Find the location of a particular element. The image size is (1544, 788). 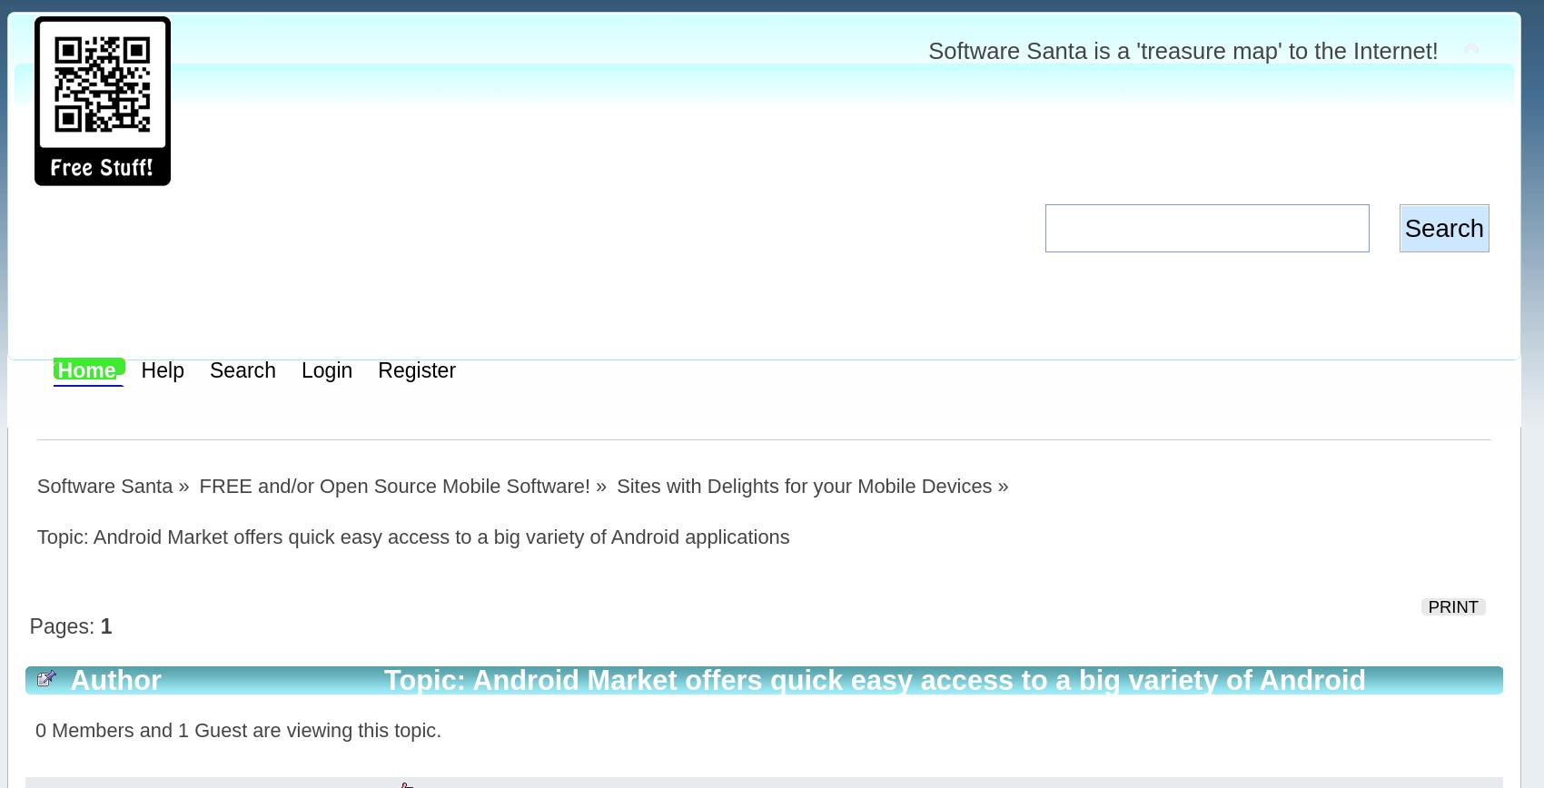

'Print' is located at coordinates (1451, 606).